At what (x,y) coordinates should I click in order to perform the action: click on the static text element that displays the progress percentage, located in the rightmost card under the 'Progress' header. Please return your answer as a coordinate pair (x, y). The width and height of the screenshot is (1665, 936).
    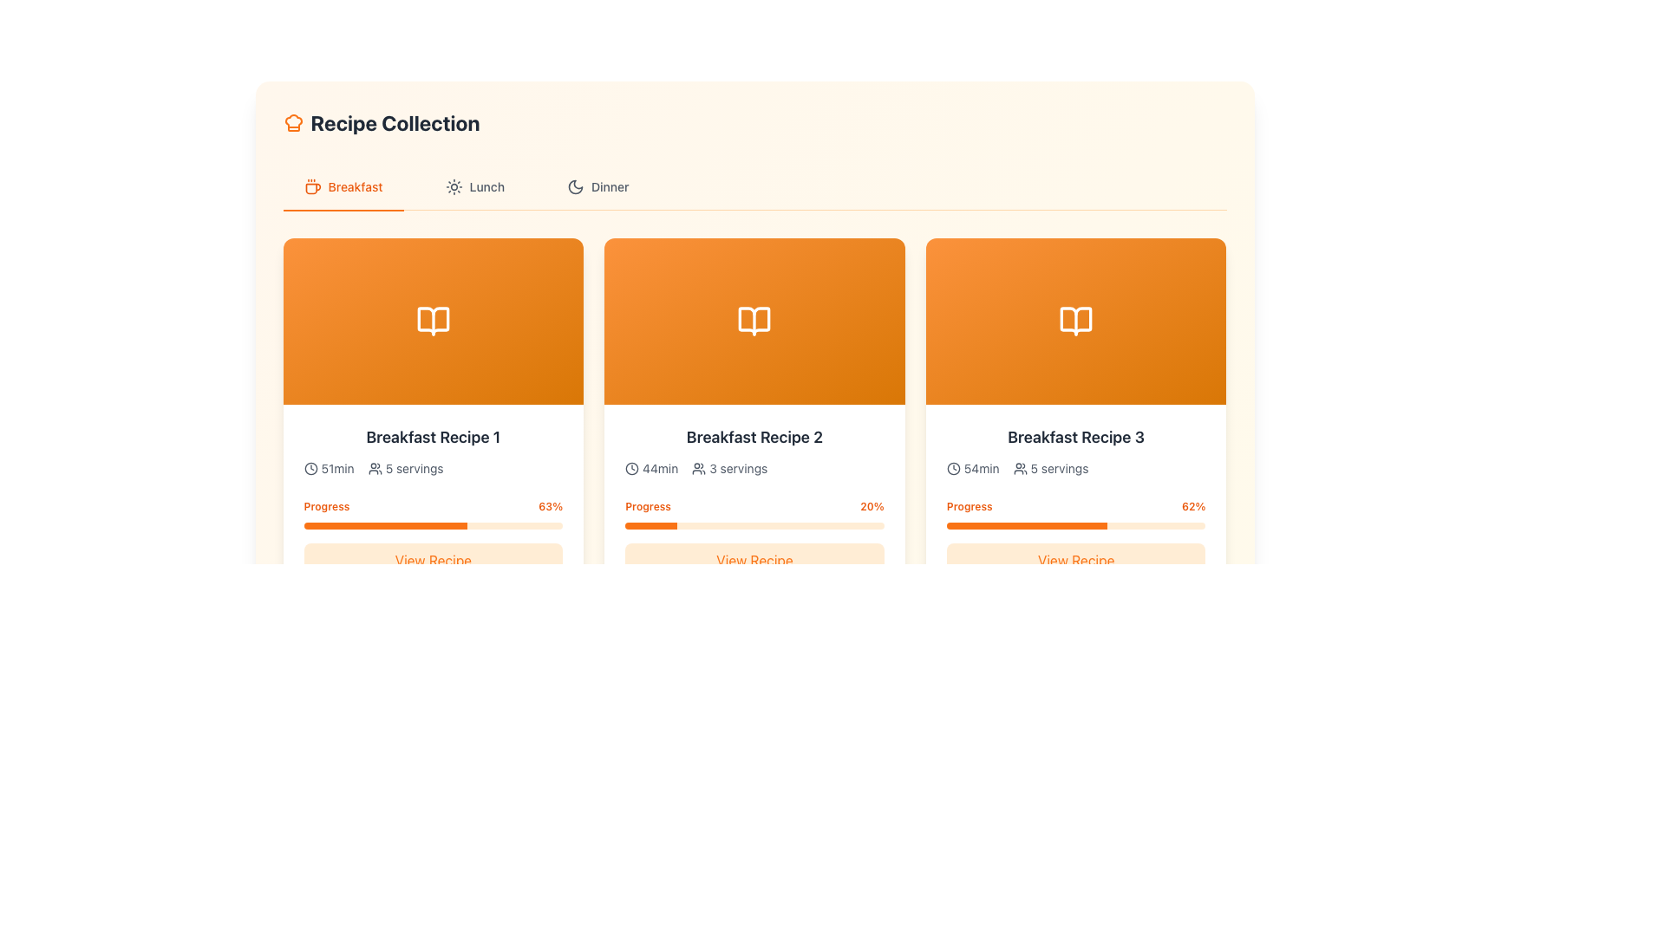
    Looking at the image, I should click on (1192, 504).